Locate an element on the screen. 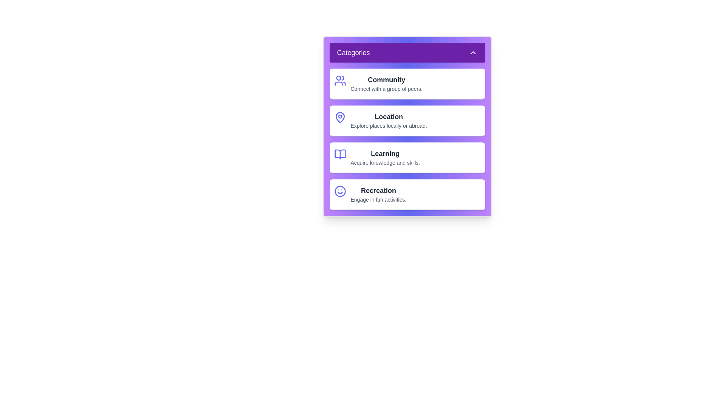 This screenshot has width=725, height=407. the category item Learning to observe the visual effect is located at coordinates (407, 158).